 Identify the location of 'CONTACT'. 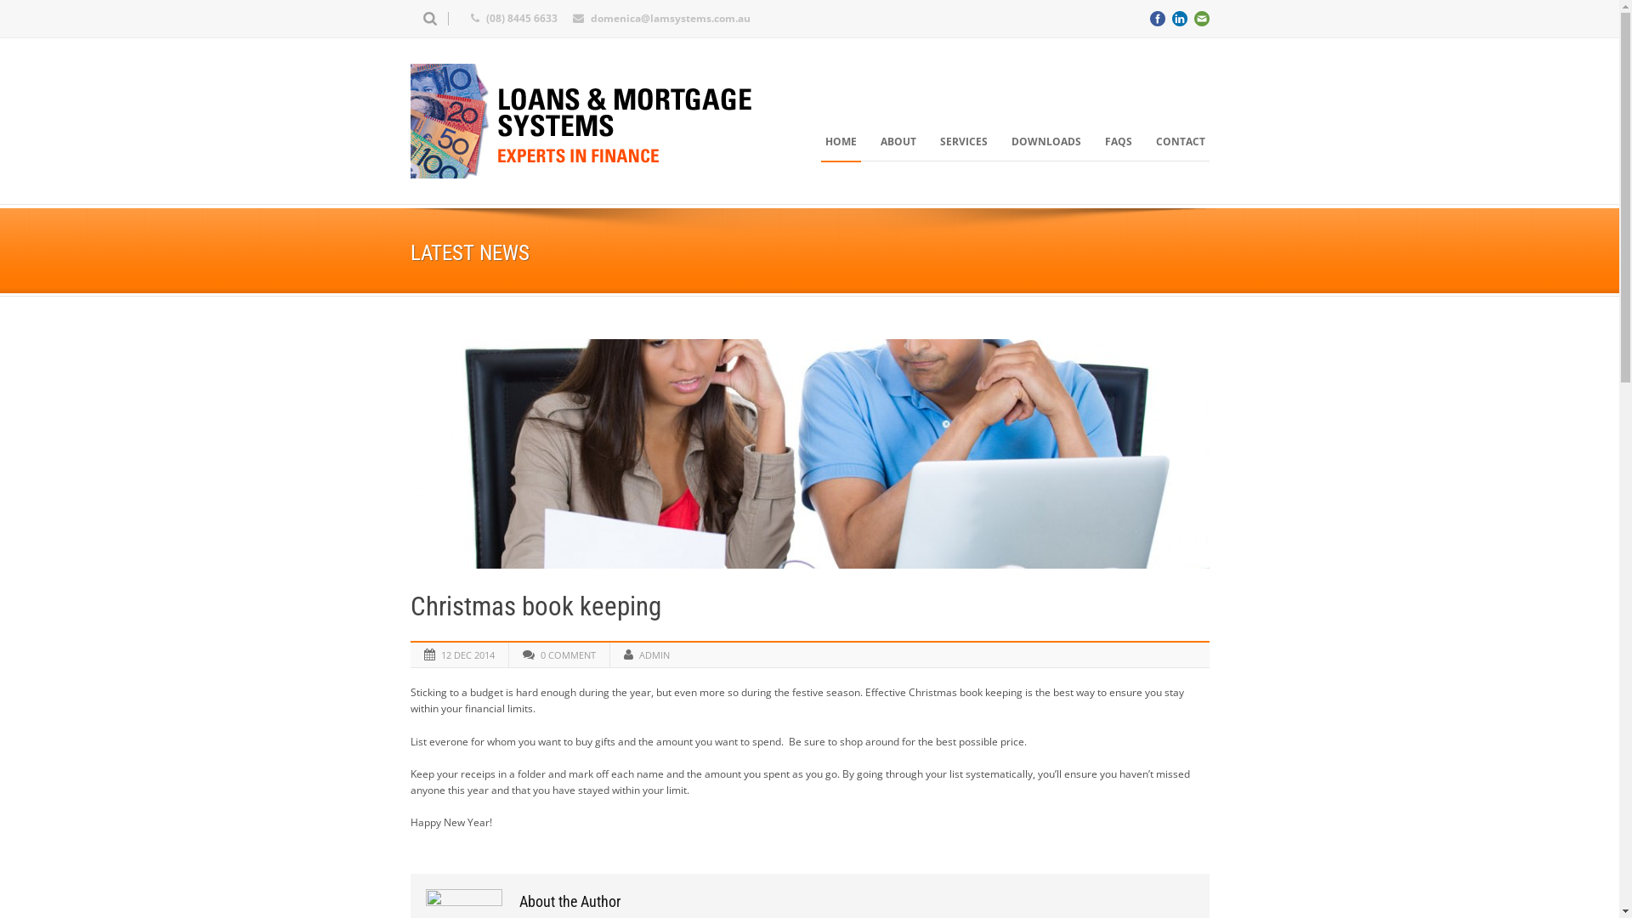
(1178, 140).